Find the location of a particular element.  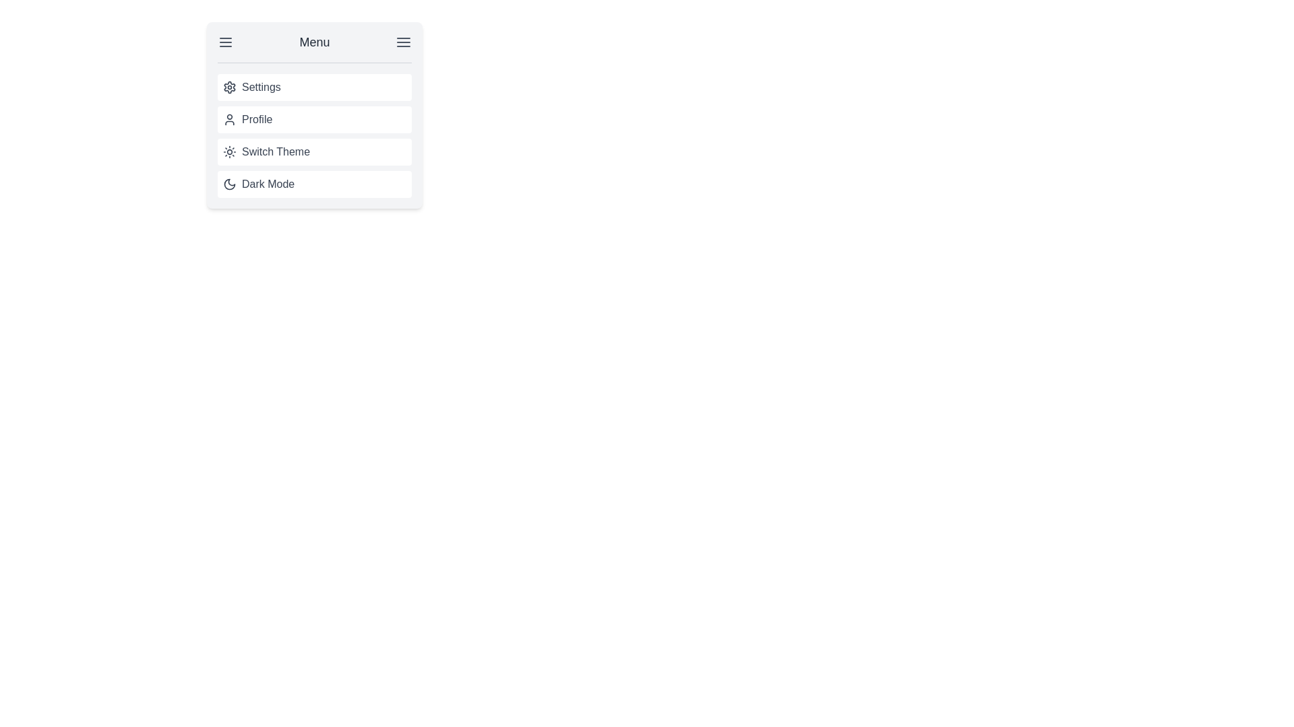

on the 'Menu' label in the header or menu bar, which is a horizontal bar at the top of a gray-bordered panel, containing bold, centered text and flanked by hamburger menu icons is located at coordinates (313, 46).